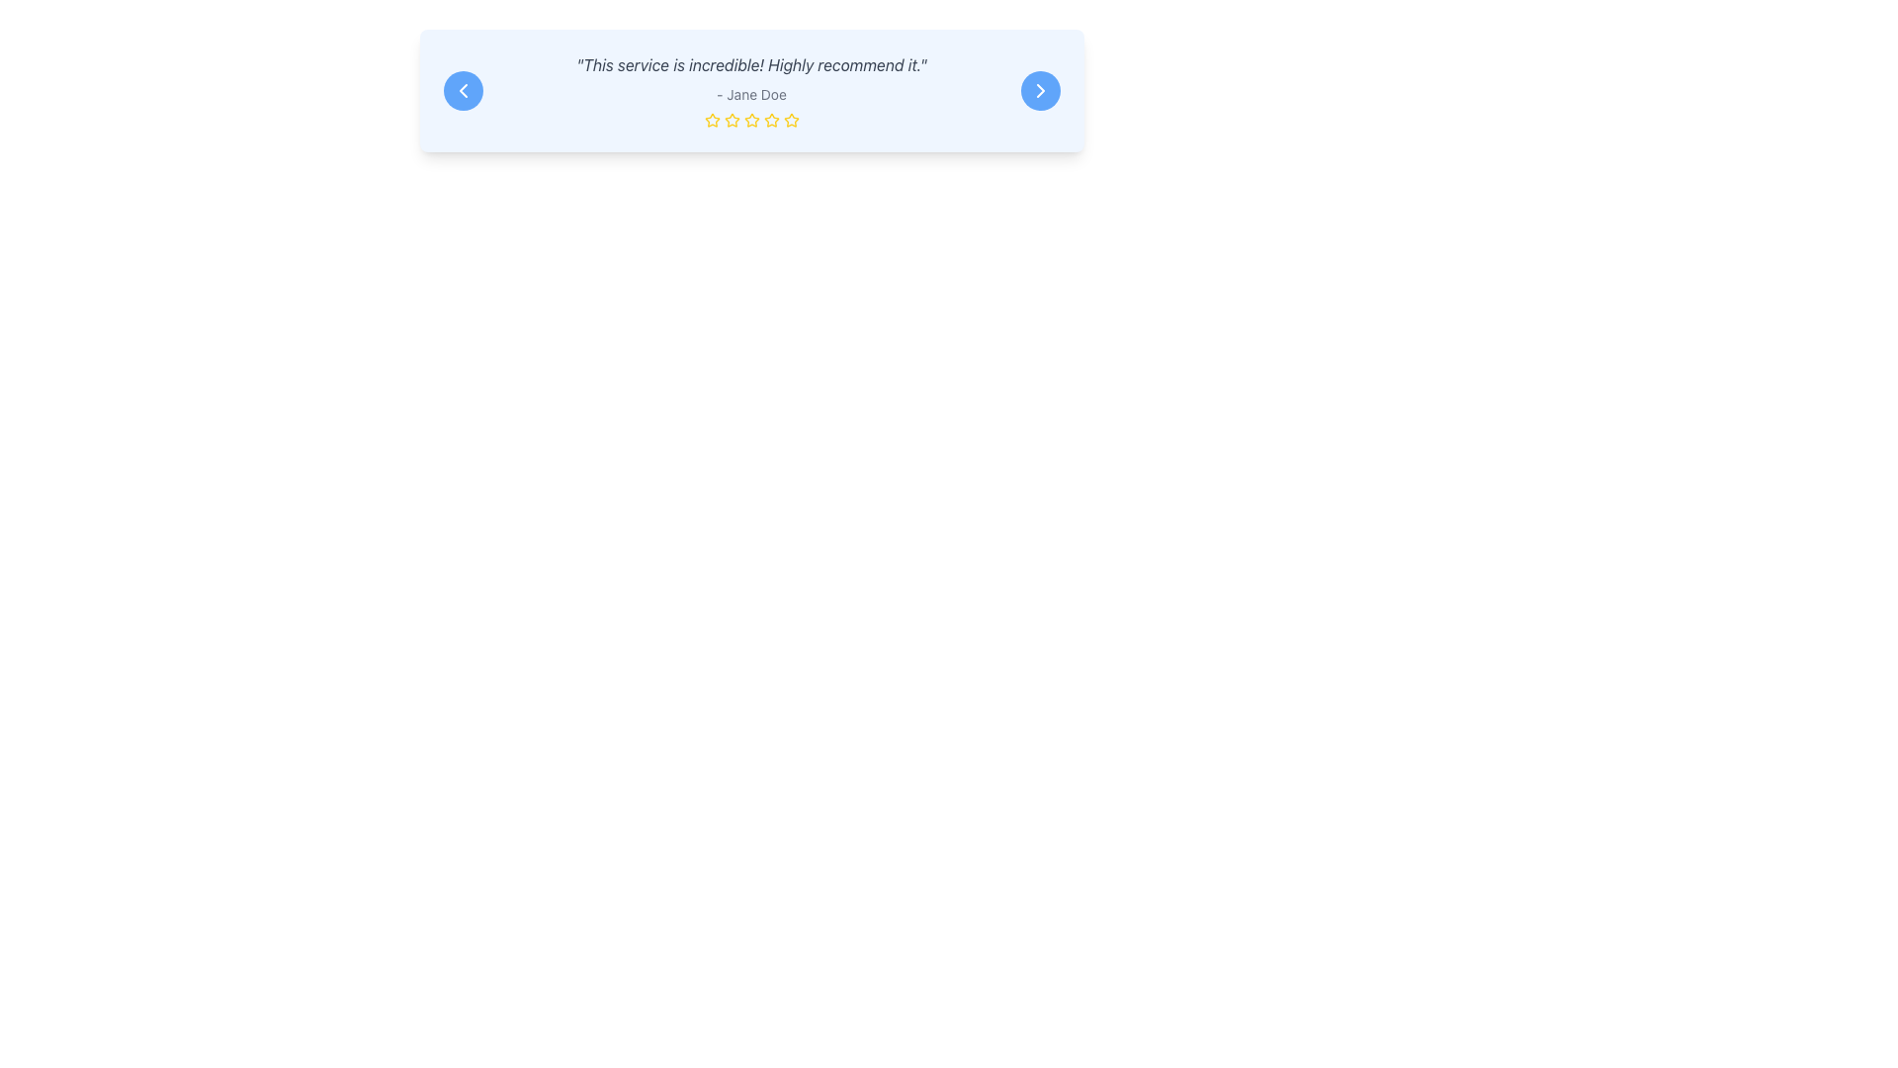  I want to click on the rightward-pointing chevron icon located inside the circular button at the top-right corner of the card-style interface, so click(1039, 91).